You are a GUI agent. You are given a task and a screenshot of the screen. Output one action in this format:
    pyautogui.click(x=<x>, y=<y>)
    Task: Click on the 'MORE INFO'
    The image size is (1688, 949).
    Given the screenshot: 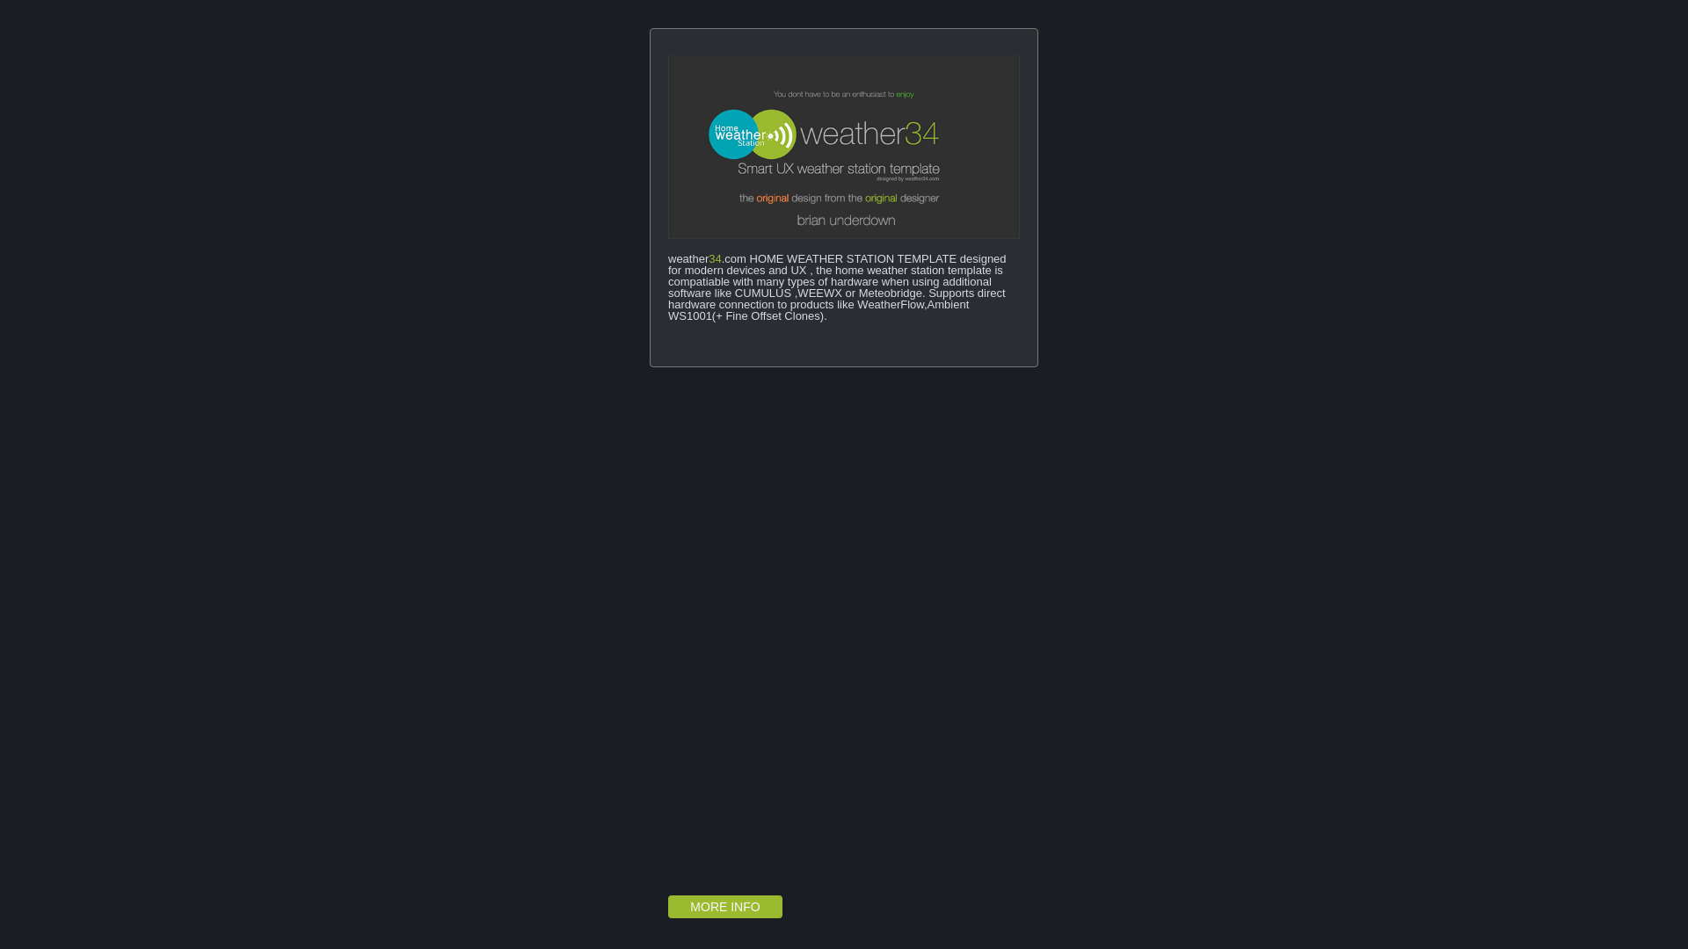 What is the action you would take?
    pyautogui.click(x=725, y=907)
    